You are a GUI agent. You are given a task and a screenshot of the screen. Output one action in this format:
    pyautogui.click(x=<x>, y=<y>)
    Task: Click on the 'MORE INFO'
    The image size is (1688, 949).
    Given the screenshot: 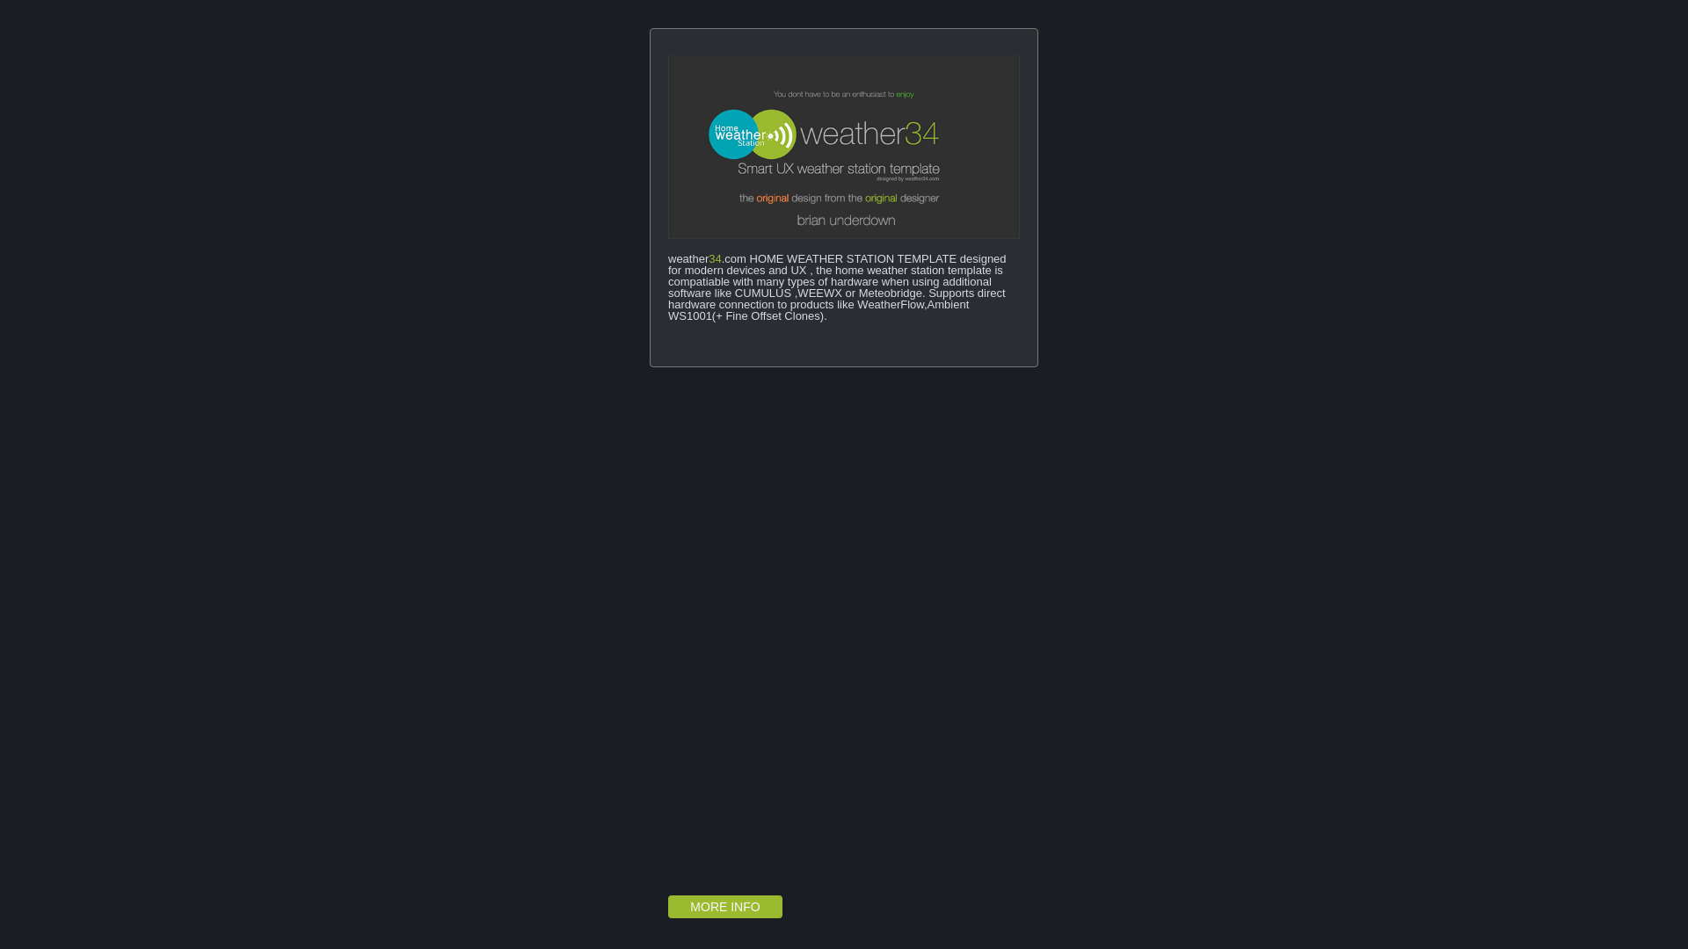 What is the action you would take?
    pyautogui.click(x=725, y=907)
    